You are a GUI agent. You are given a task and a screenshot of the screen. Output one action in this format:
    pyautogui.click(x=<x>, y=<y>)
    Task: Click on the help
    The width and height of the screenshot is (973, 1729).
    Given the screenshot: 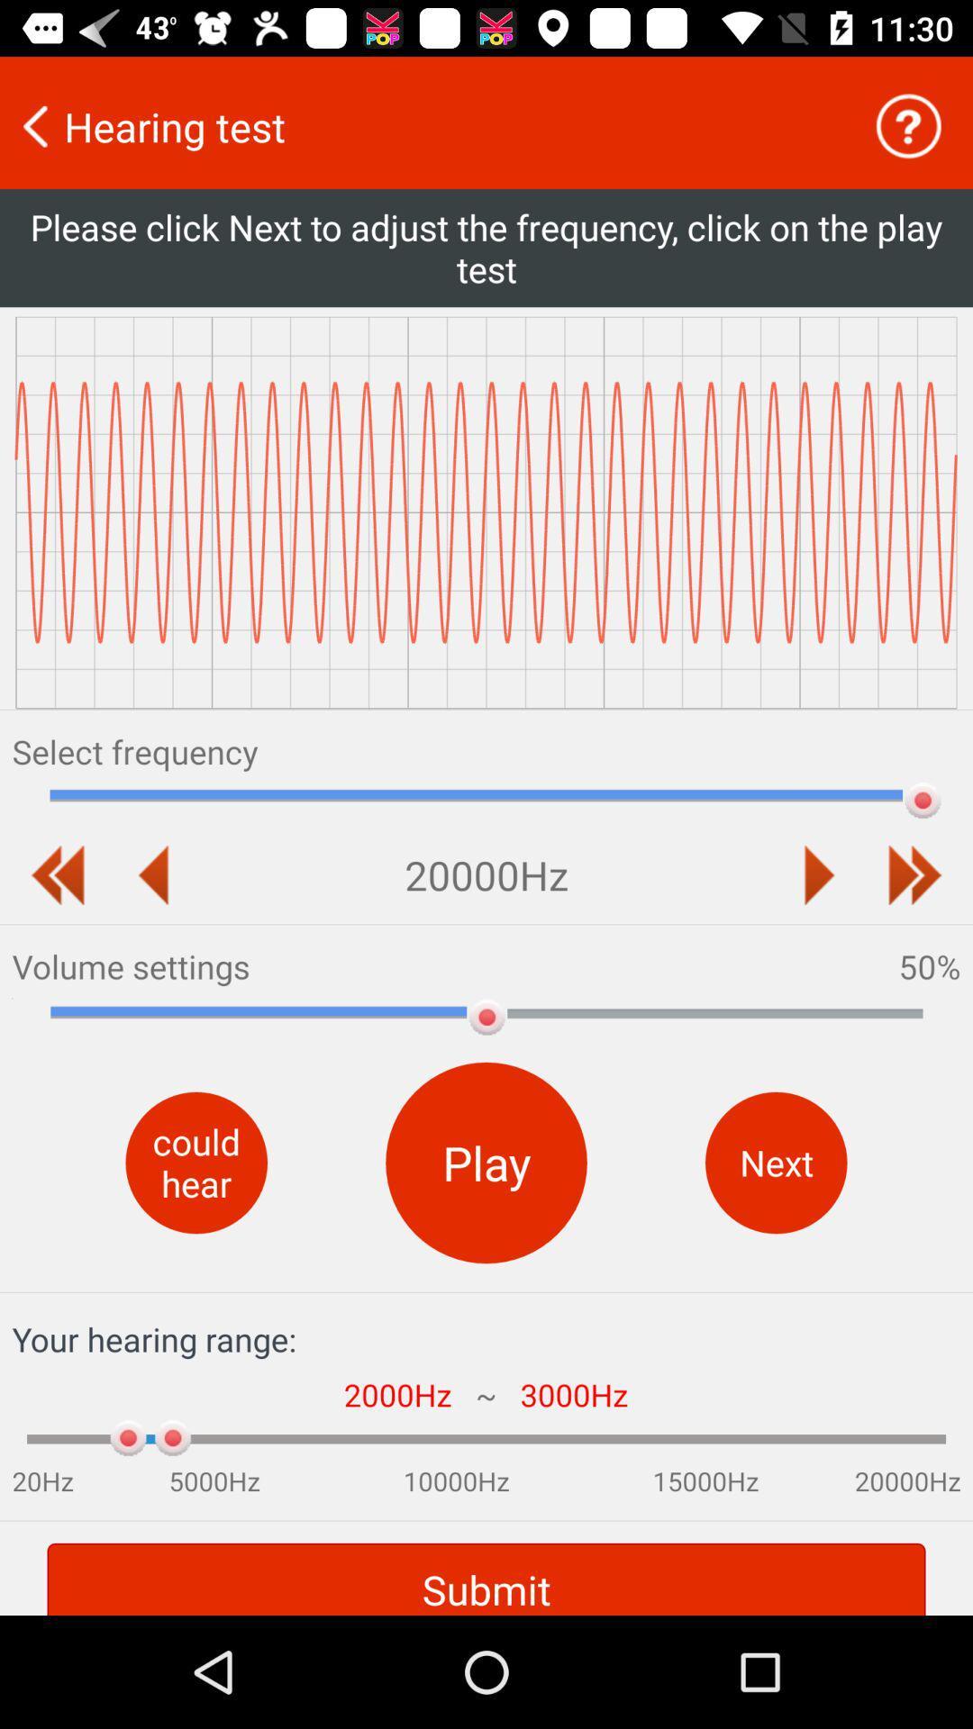 What is the action you would take?
    pyautogui.click(x=908, y=125)
    